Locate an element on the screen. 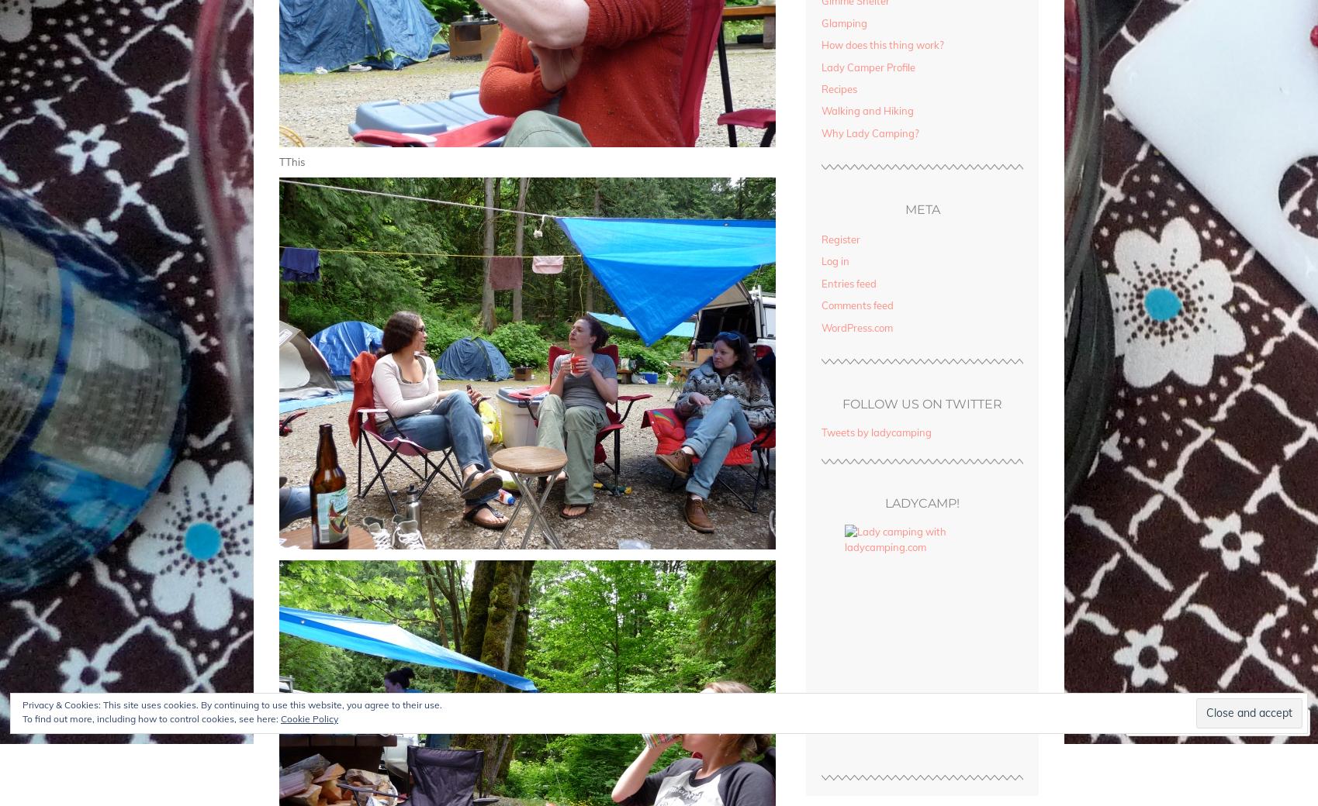  'Comment' is located at coordinates (1178, 722).